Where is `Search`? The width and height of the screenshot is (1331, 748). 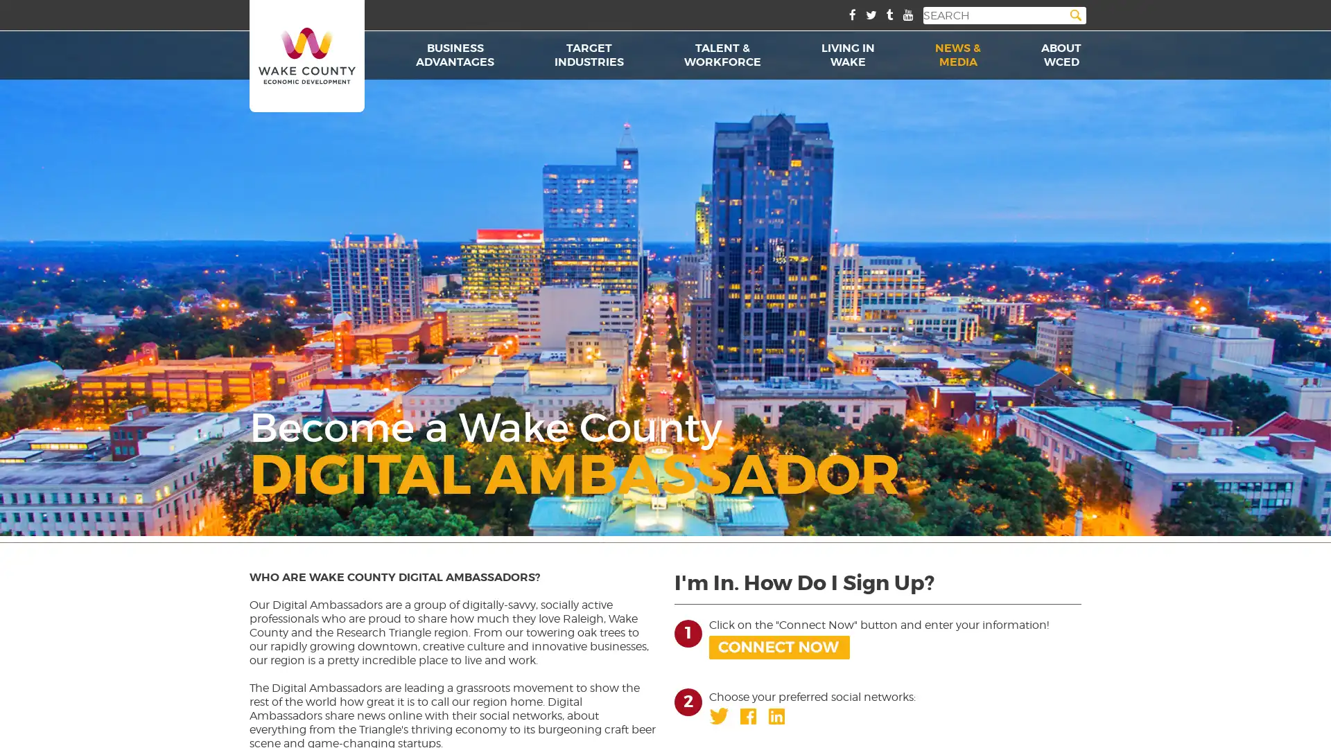 Search is located at coordinates (1075, 15).